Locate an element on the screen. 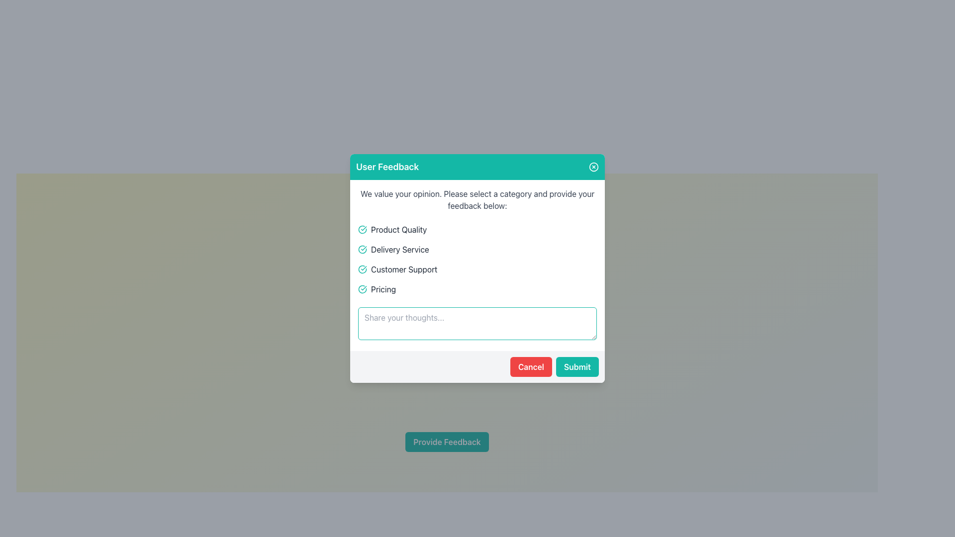 The image size is (955, 537). the 'Cancel' button in the lower-right section of the feedback modal to observe the hover effect is located at coordinates (530, 366).